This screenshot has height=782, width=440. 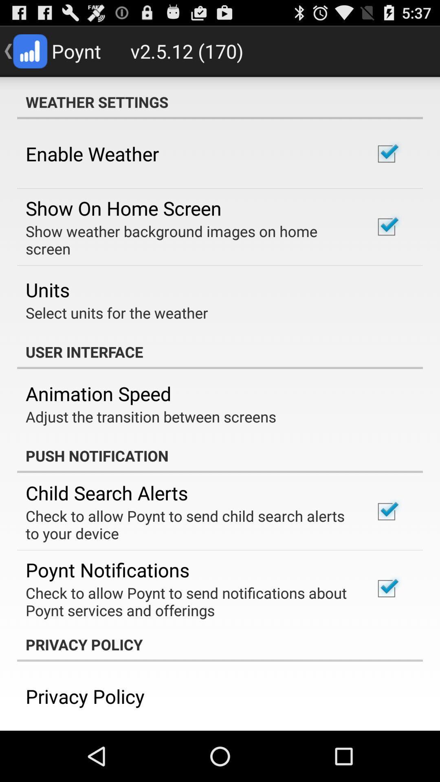 What do you see at coordinates (98, 393) in the screenshot?
I see `the animation speed app` at bounding box center [98, 393].